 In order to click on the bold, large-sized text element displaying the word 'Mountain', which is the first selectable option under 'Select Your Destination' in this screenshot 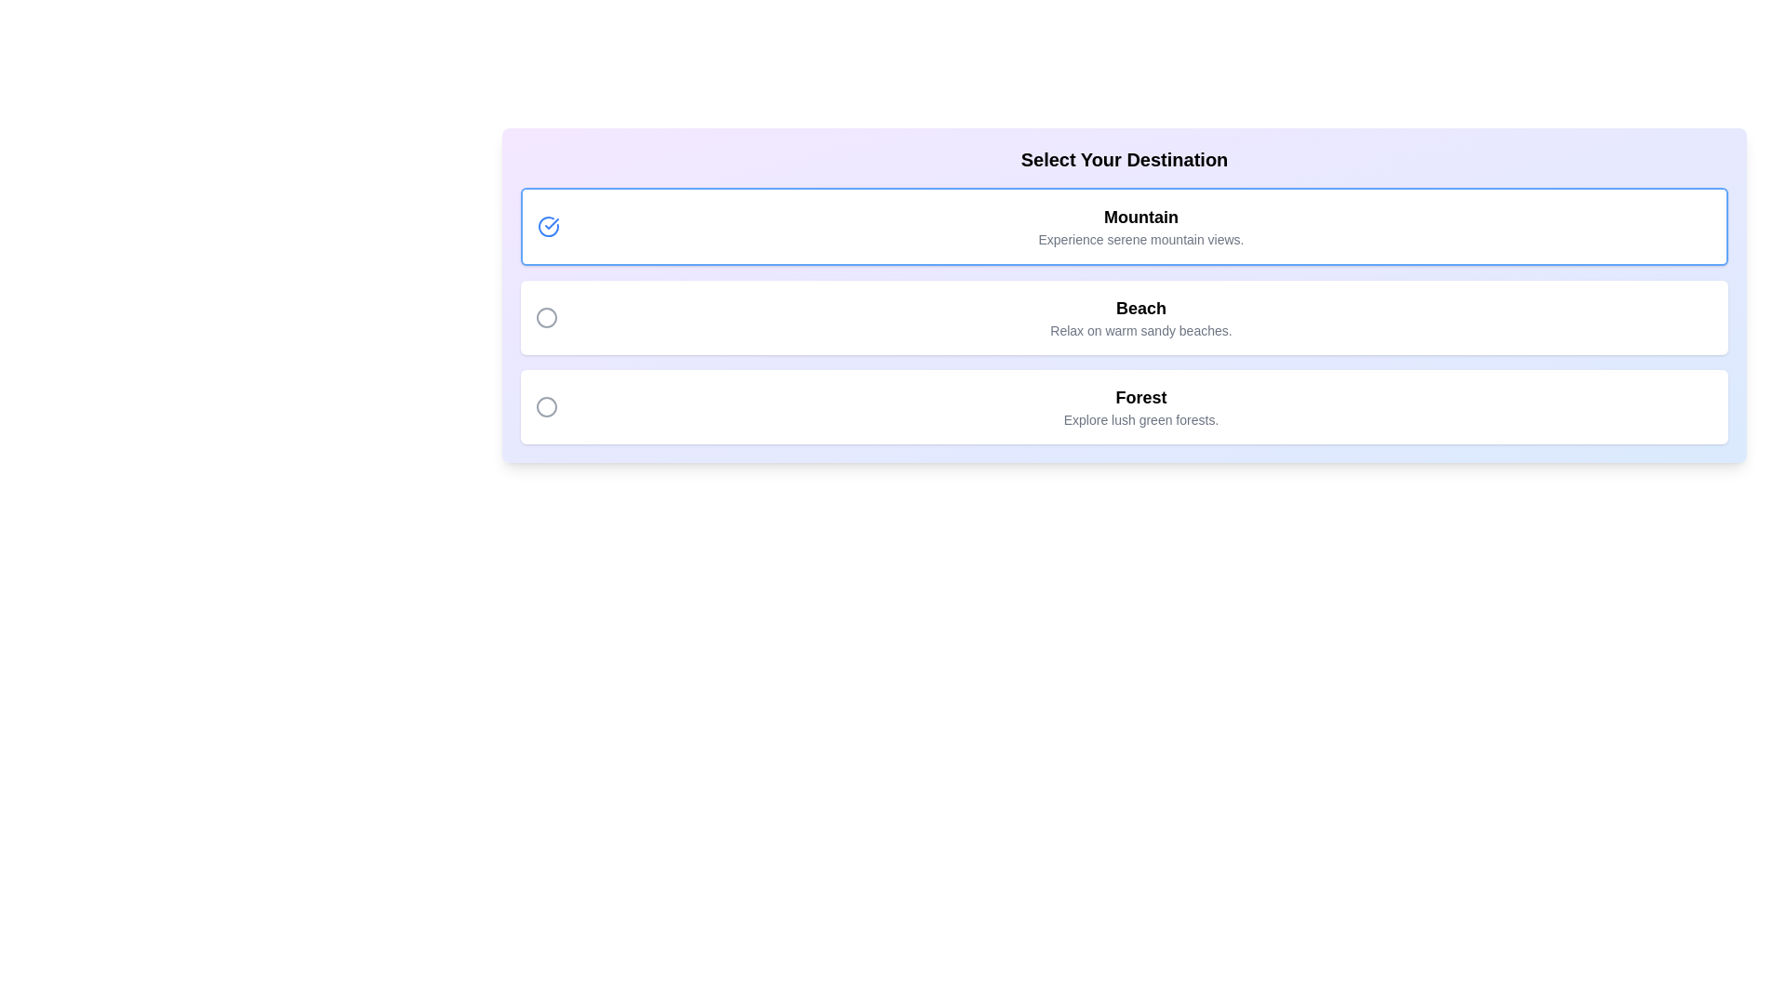, I will do `click(1140, 217)`.